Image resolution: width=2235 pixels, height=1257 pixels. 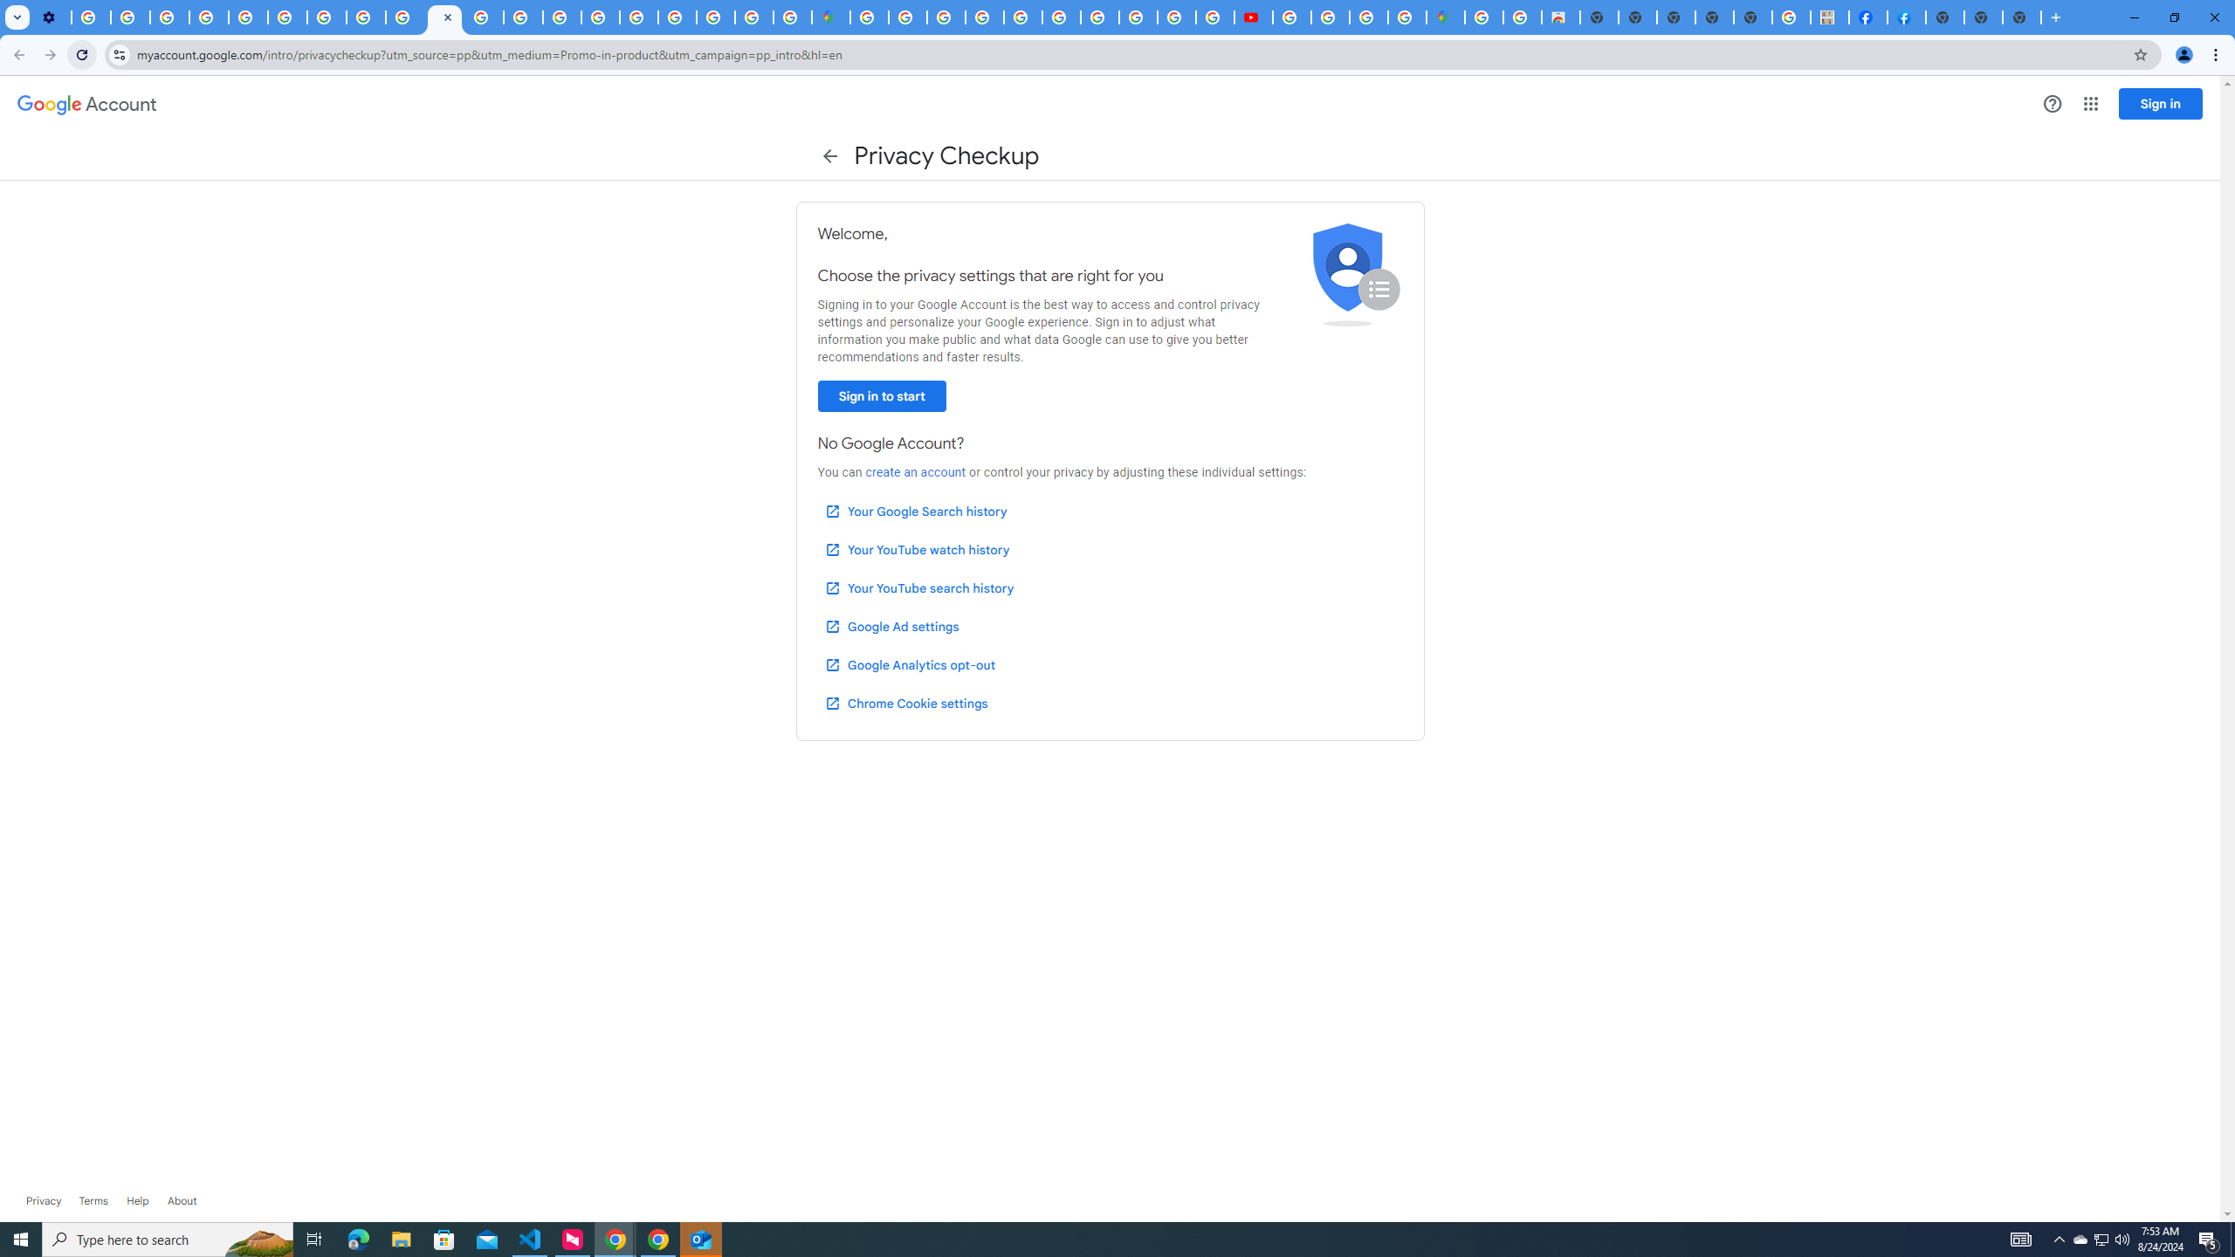 I want to click on 'Your YouTube search history', so click(x=918, y=588).